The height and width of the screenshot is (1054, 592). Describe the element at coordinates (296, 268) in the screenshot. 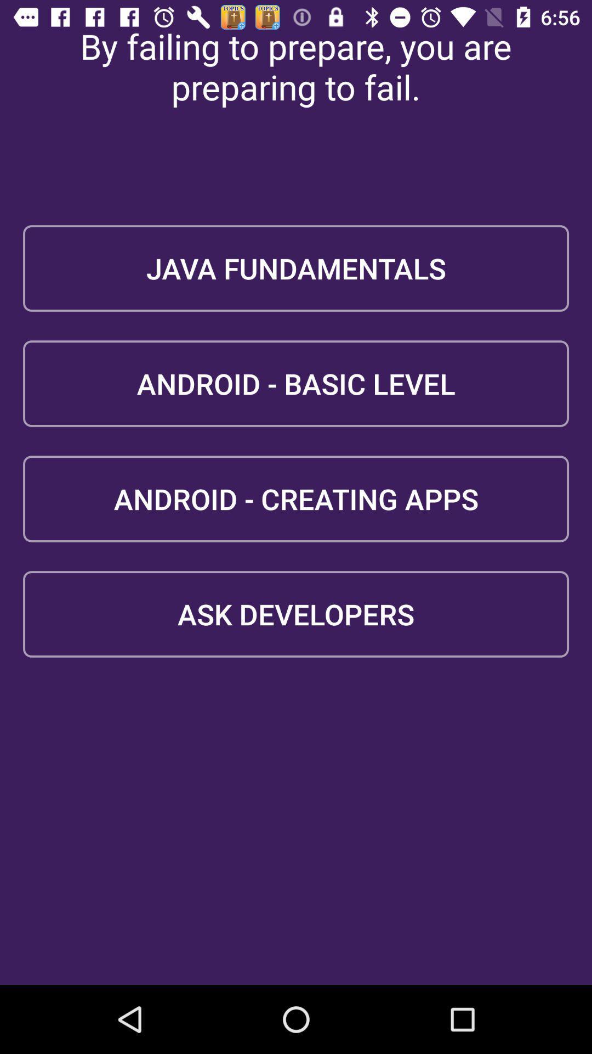

I see `the item above the android - basic level` at that location.